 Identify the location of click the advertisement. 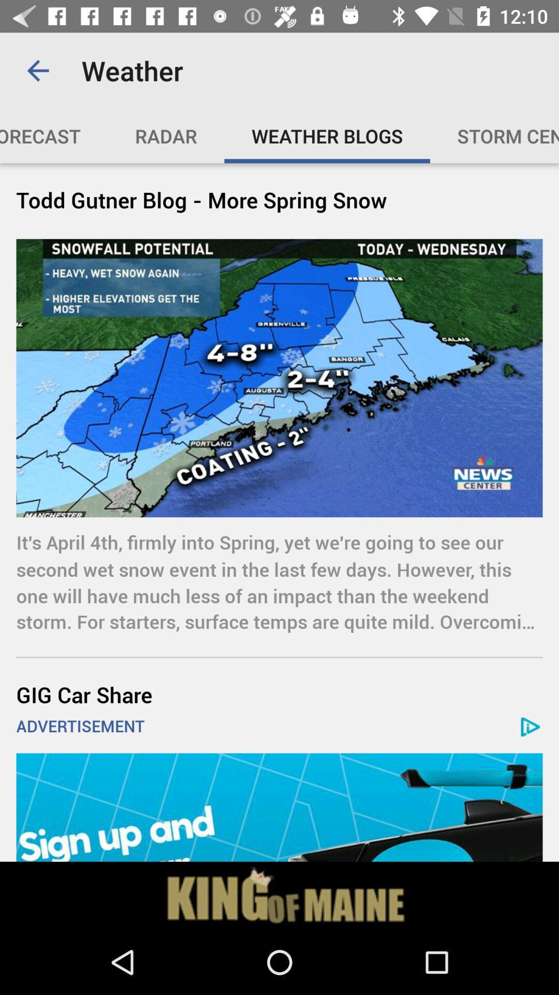
(279, 895).